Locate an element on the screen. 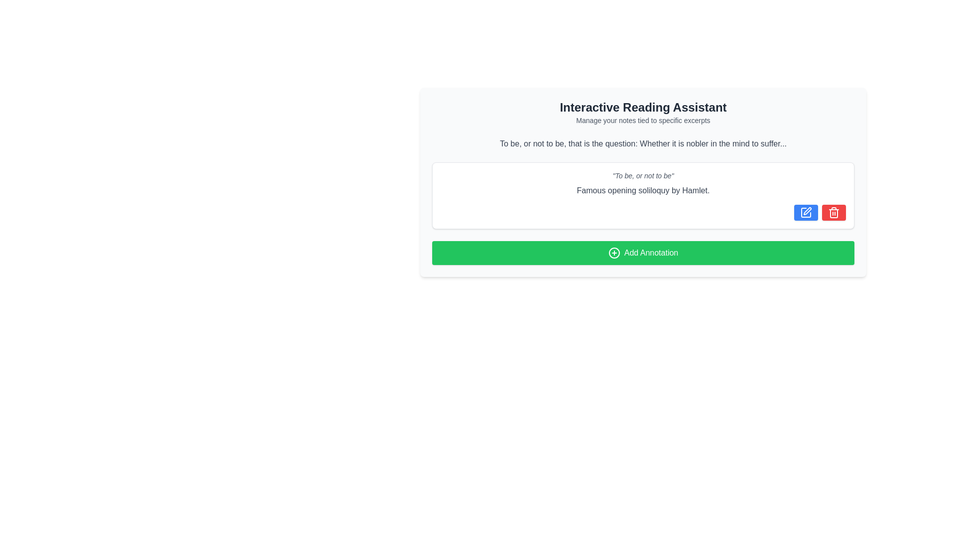 This screenshot has height=538, width=956. the circular '+' icon located on the left side of the 'Add Annotation' green button to interact with it is located at coordinates (613, 253).